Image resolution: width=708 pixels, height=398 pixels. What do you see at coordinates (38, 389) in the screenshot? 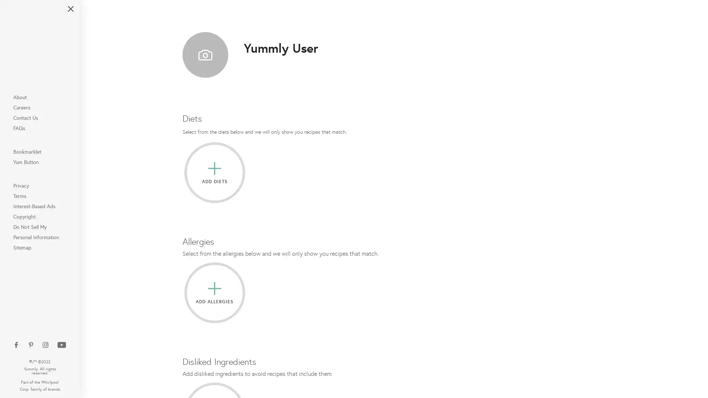
I see `Do Not Sell My Personal Information` at bounding box center [38, 389].